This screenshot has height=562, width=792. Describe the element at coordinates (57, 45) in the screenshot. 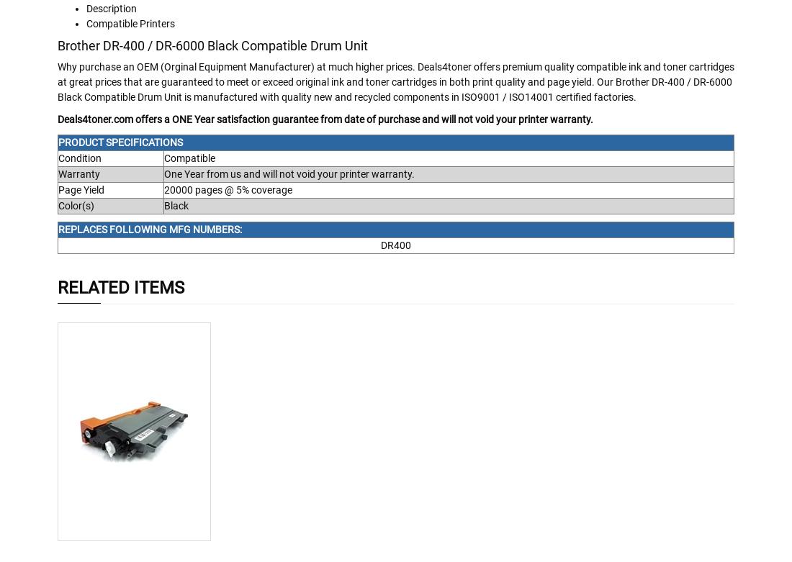

I see `'Brother DR-400 / DR-6000 Black Compatible Drum Unit'` at that location.